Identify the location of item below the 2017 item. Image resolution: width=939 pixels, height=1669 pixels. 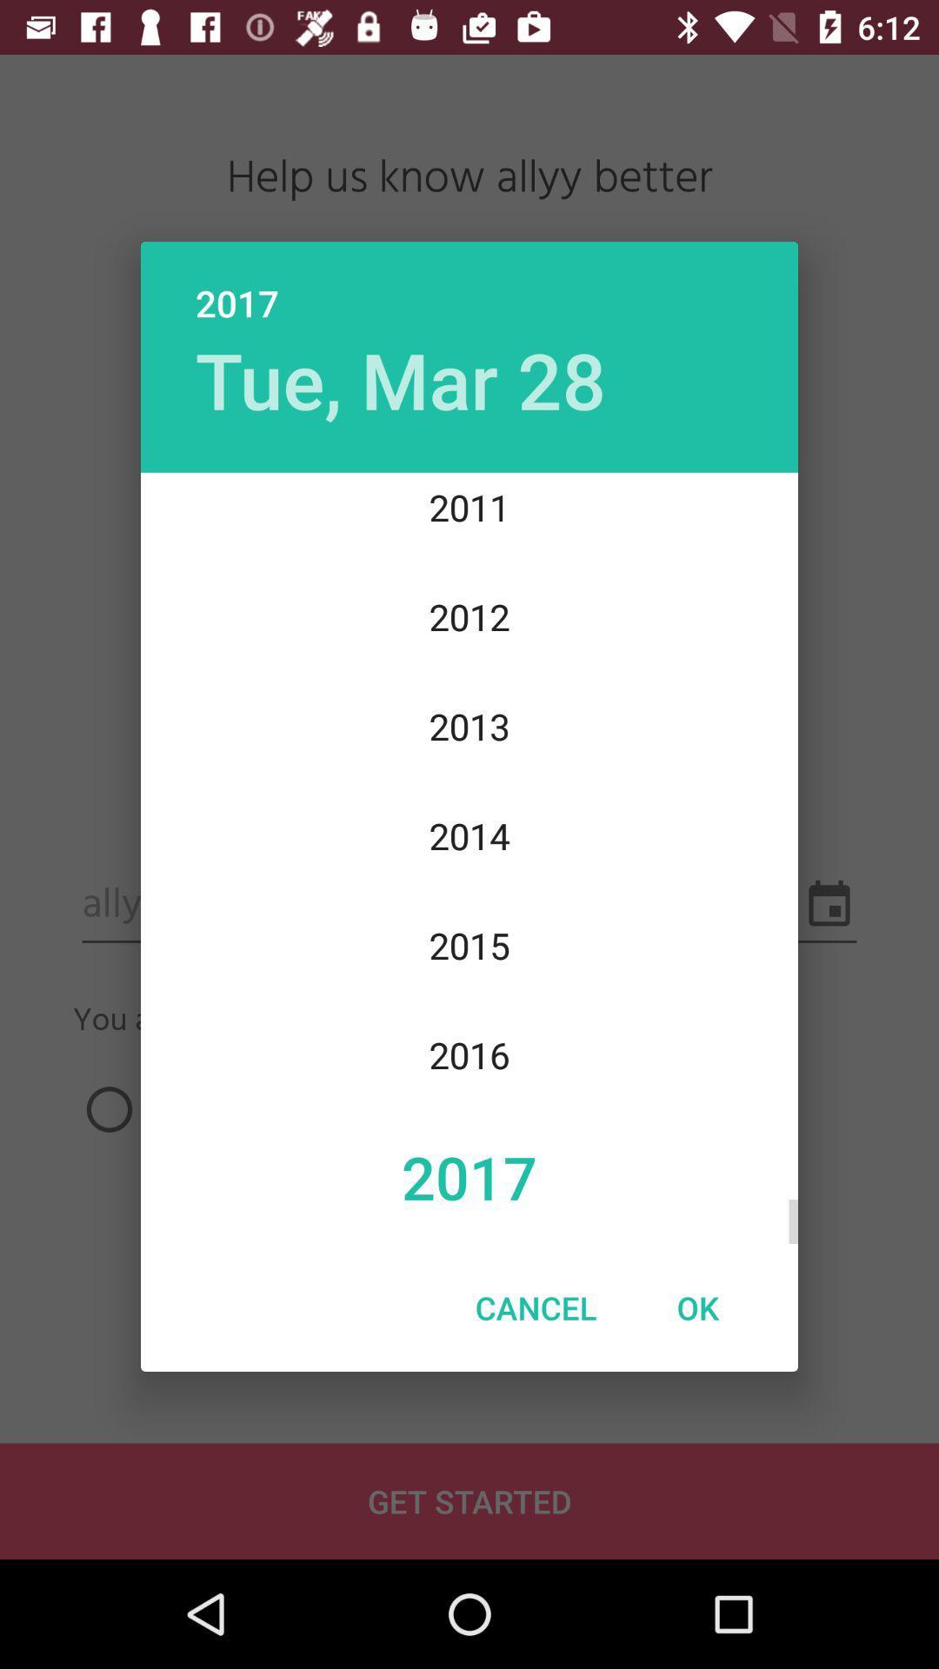
(535, 1307).